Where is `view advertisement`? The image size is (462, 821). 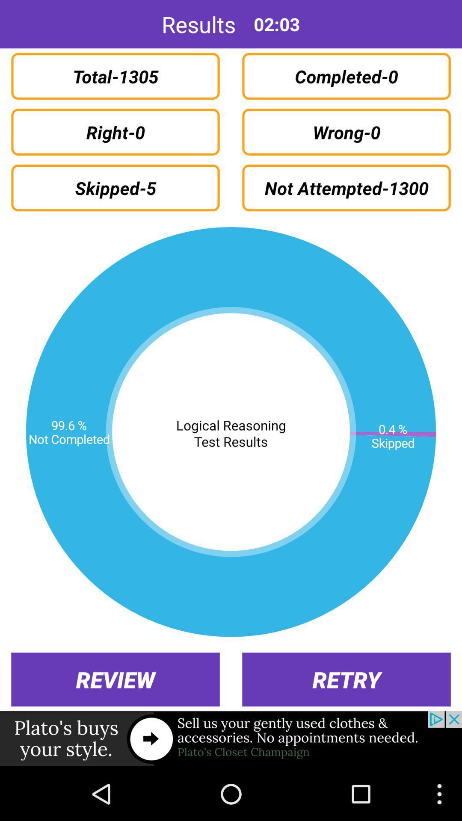
view advertisement is located at coordinates (231, 738).